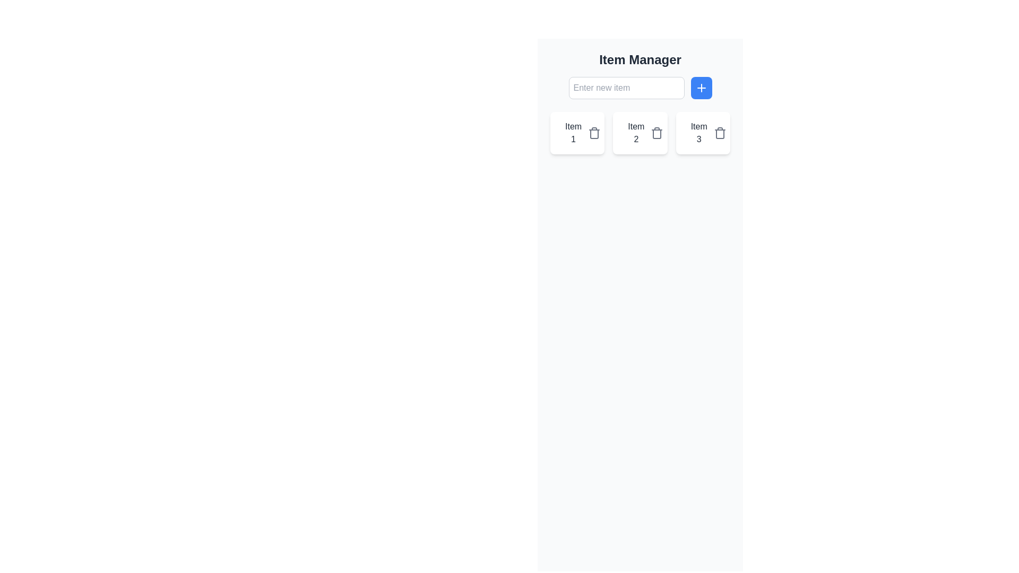 The width and height of the screenshot is (1019, 573). I want to click on the first UI card item located at the top left of the grid layout to focus on it, so click(577, 132).